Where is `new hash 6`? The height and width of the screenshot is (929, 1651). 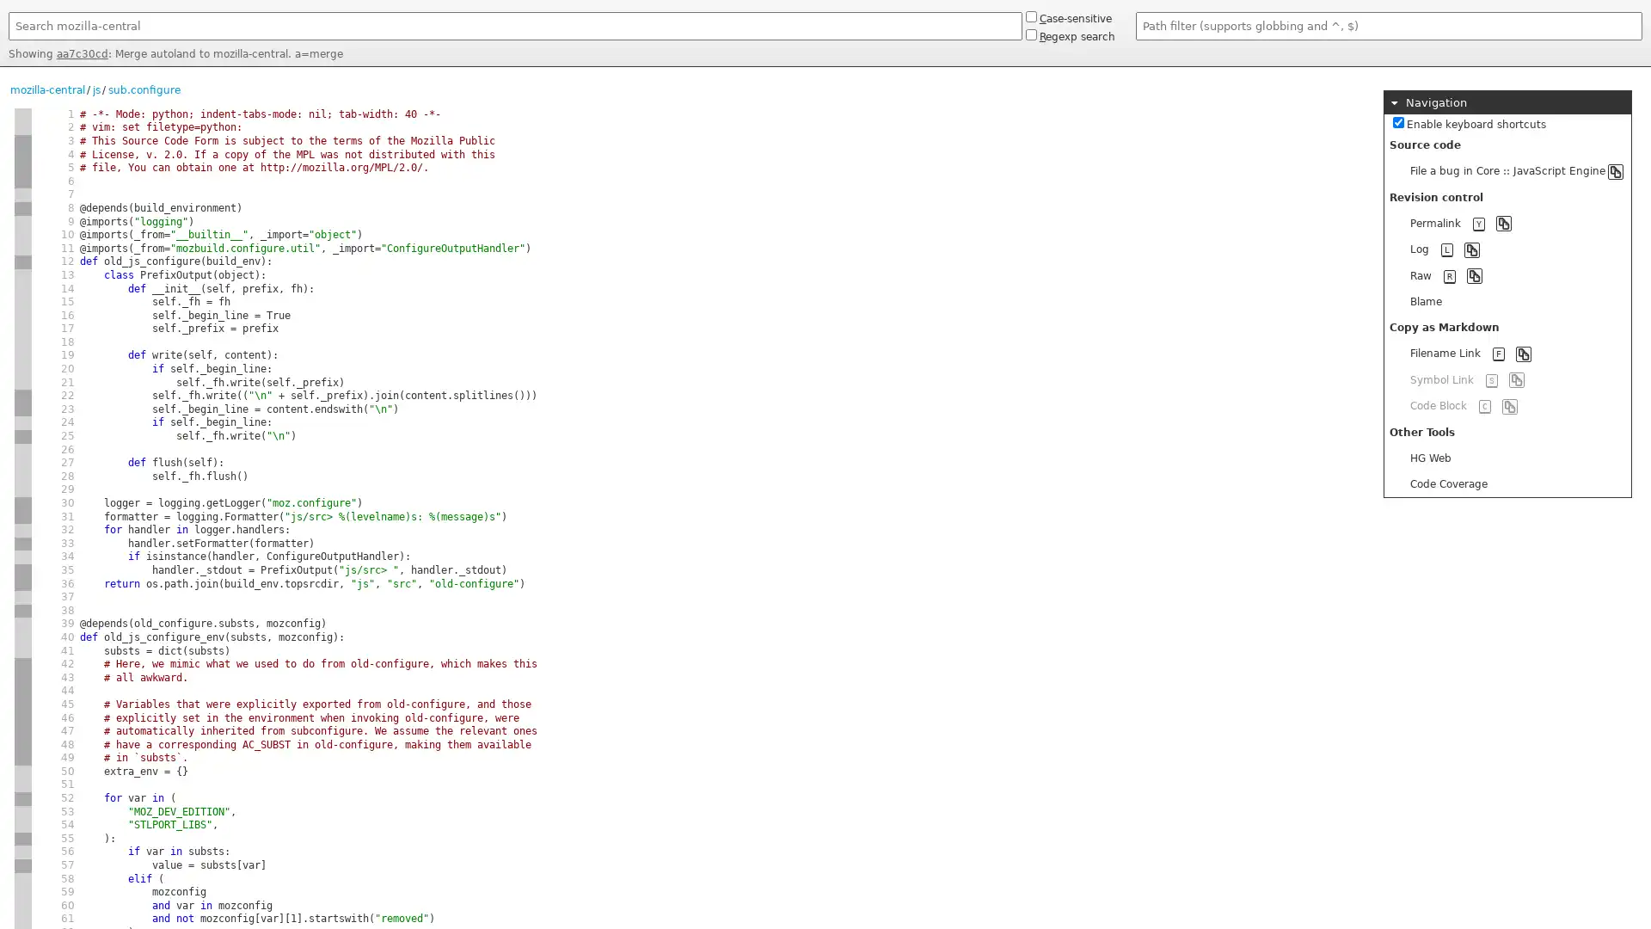 new hash 6 is located at coordinates (23, 596).